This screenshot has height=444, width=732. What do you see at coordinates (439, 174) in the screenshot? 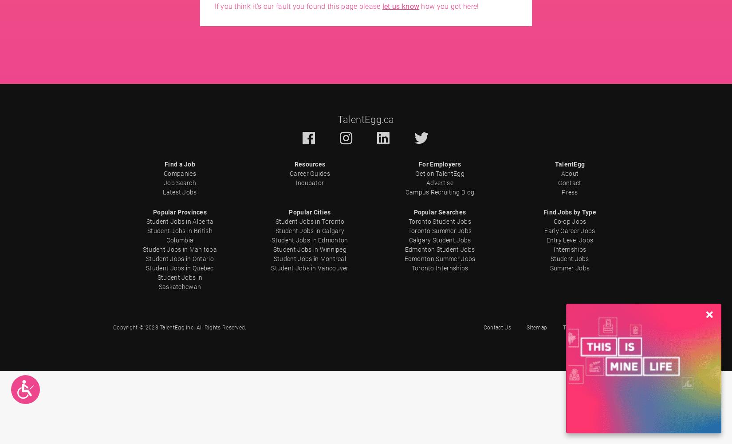
I see `'Get on TalentEgg'` at bounding box center [439, 174].